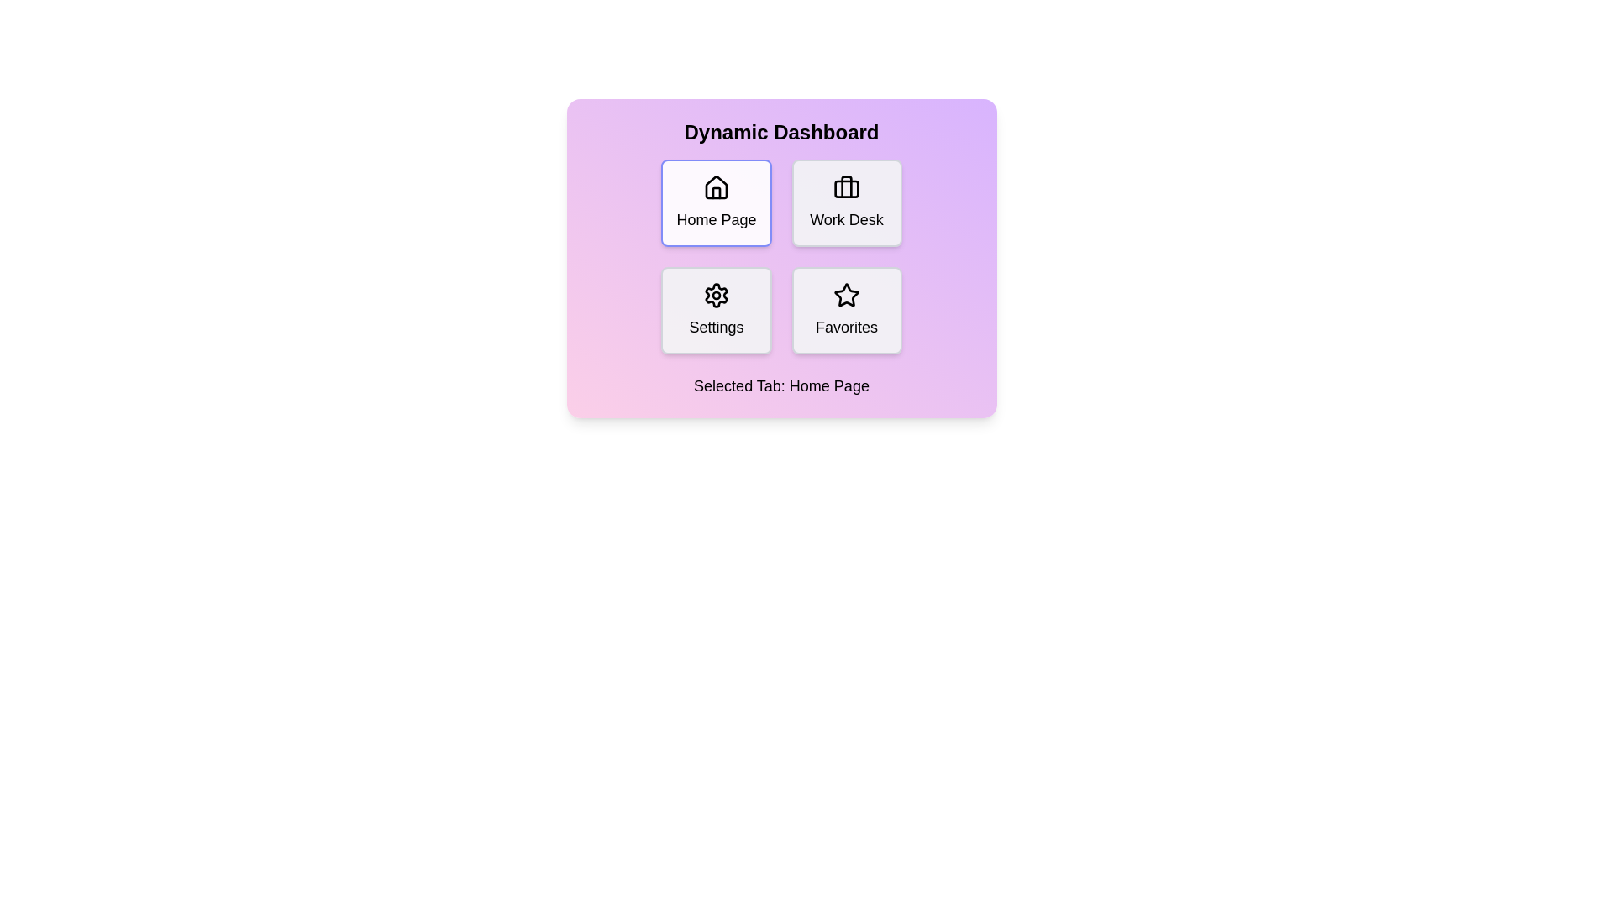  I want to click on the tab labeled Work Desk, so click(847, 202).